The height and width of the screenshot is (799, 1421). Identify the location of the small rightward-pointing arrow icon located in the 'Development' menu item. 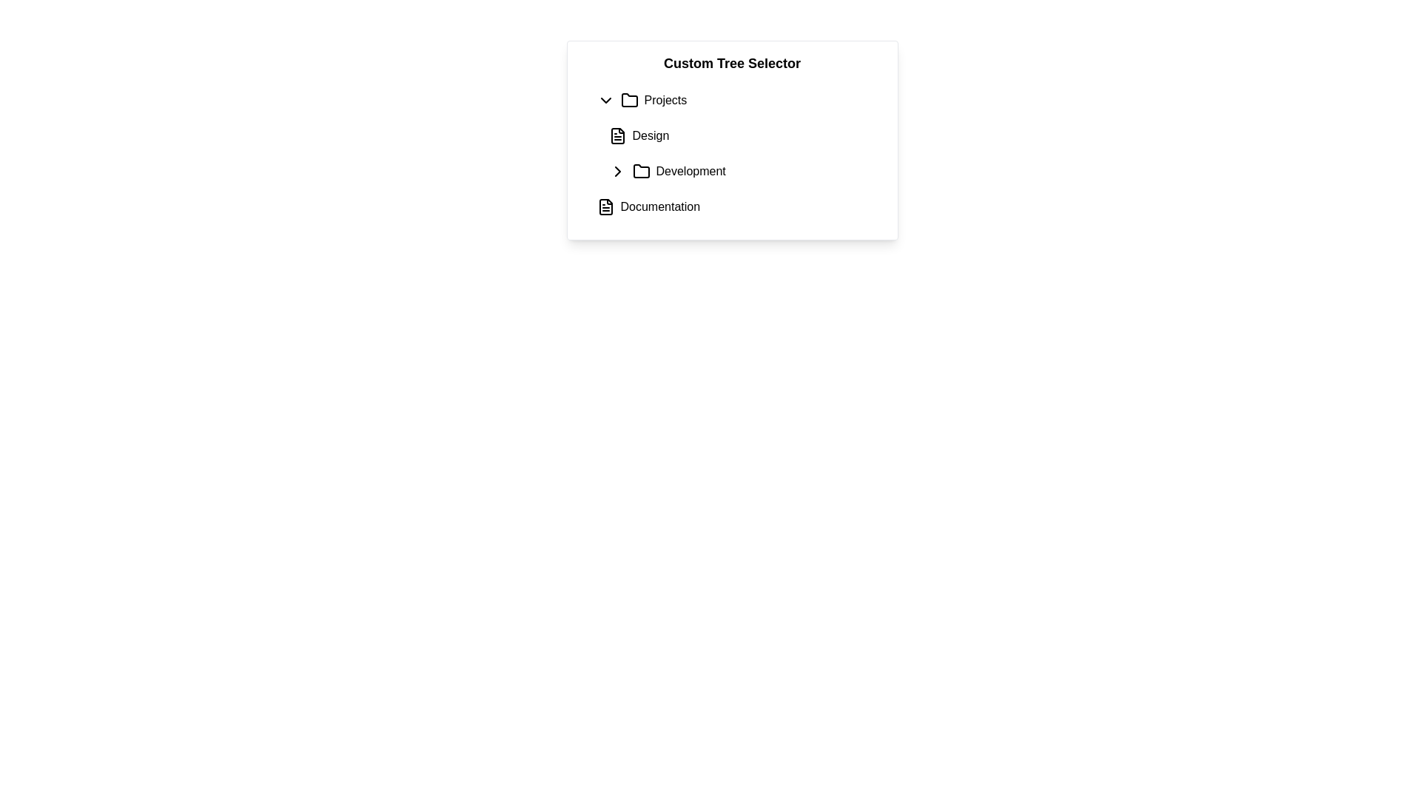
(617, 170).